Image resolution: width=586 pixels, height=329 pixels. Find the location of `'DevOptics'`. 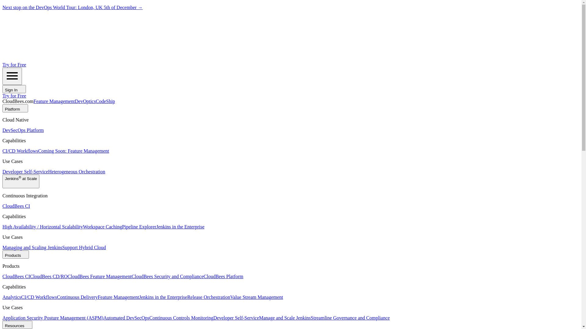

'DevOptics' is located at coordinates (85, 101).